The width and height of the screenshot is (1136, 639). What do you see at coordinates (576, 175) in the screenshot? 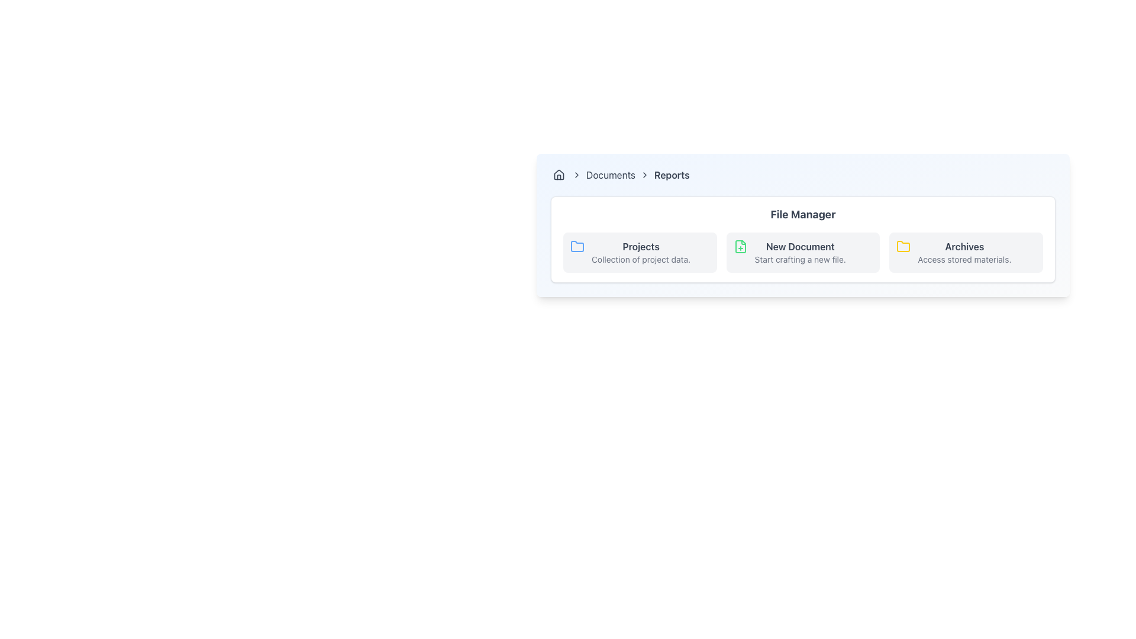
I see `the chevron icon, which serves as a visual separator in the breadcrumb navigation bar between 'Documents' and 'Reports'` at bounding box center [576, 175].